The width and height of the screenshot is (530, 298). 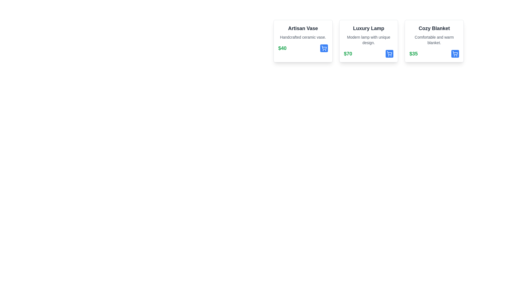 What do you see at coordinates (369, 28) in the screenshot?
I see `text content of the bolded label reading 'Luxury Lamp' located at the top of the middle card in the interface` at bounding box center [369, 28].